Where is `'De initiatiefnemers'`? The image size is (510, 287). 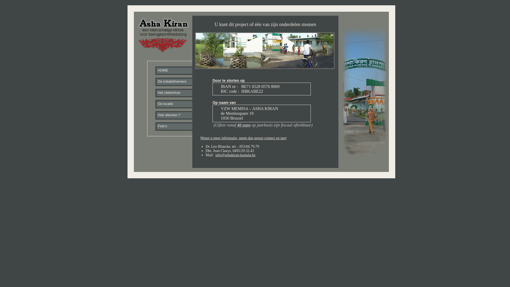
'De initiatiefnemers' is located at coordinates (178, 82).